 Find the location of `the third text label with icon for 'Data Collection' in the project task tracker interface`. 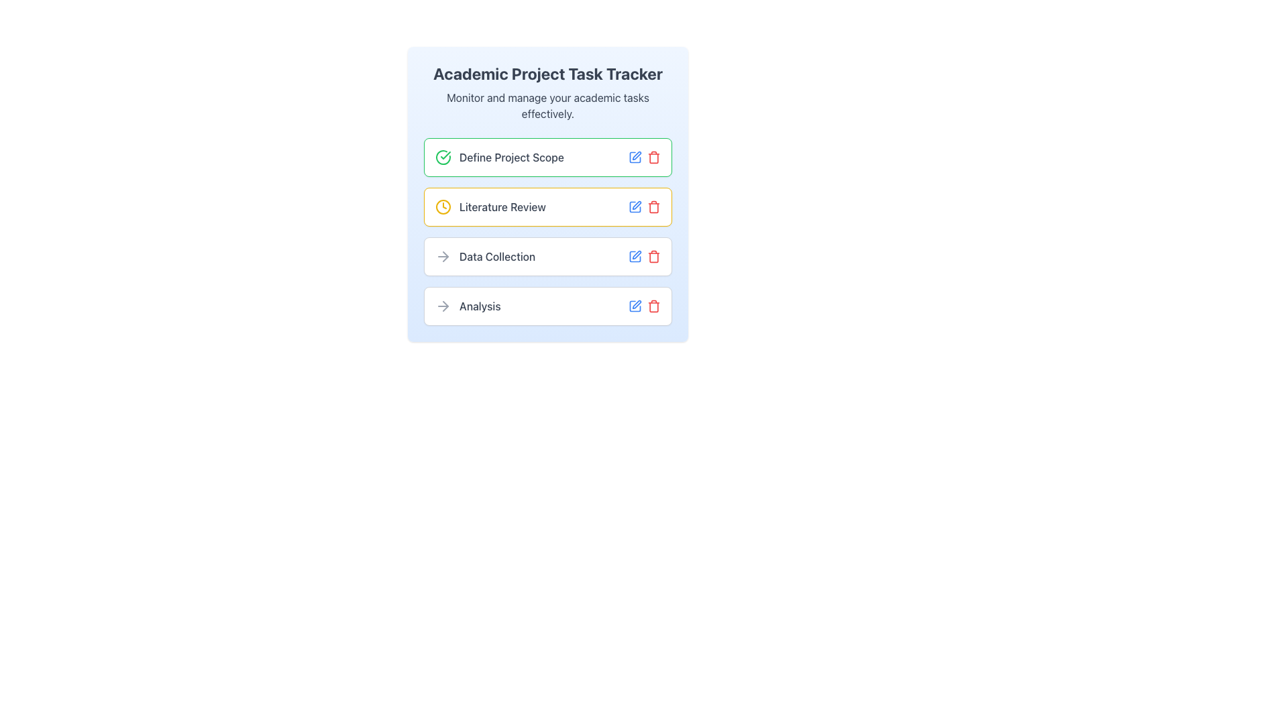

the third text label with icon for 'Data Collection' in the project task tracker interface is located at coordinates (484, 256).